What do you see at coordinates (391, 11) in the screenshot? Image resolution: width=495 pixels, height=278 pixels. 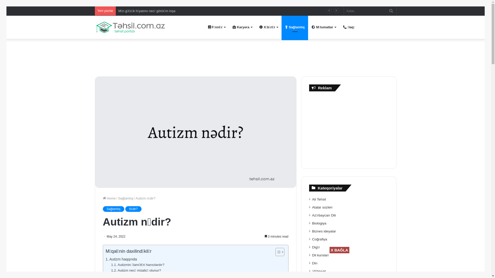 I see `'Axtar..'` at bounding box center [391, 11].